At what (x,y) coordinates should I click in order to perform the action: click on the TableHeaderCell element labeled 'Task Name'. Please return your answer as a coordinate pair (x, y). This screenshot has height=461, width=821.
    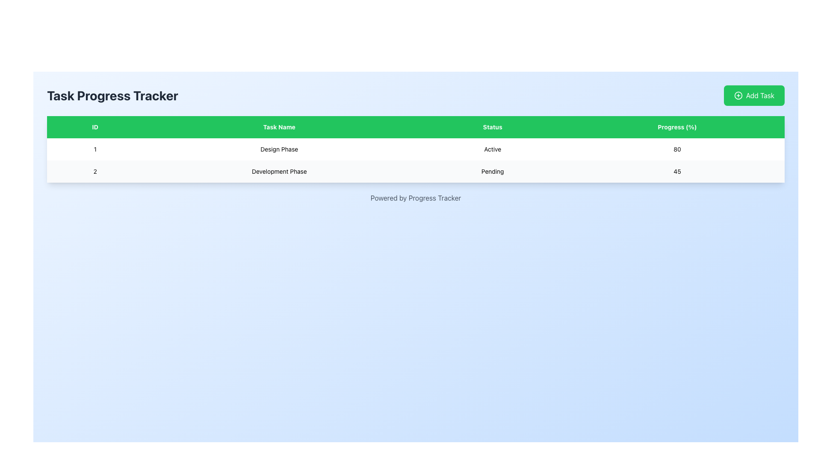
    Looking at the image, I should click on (279, 127).